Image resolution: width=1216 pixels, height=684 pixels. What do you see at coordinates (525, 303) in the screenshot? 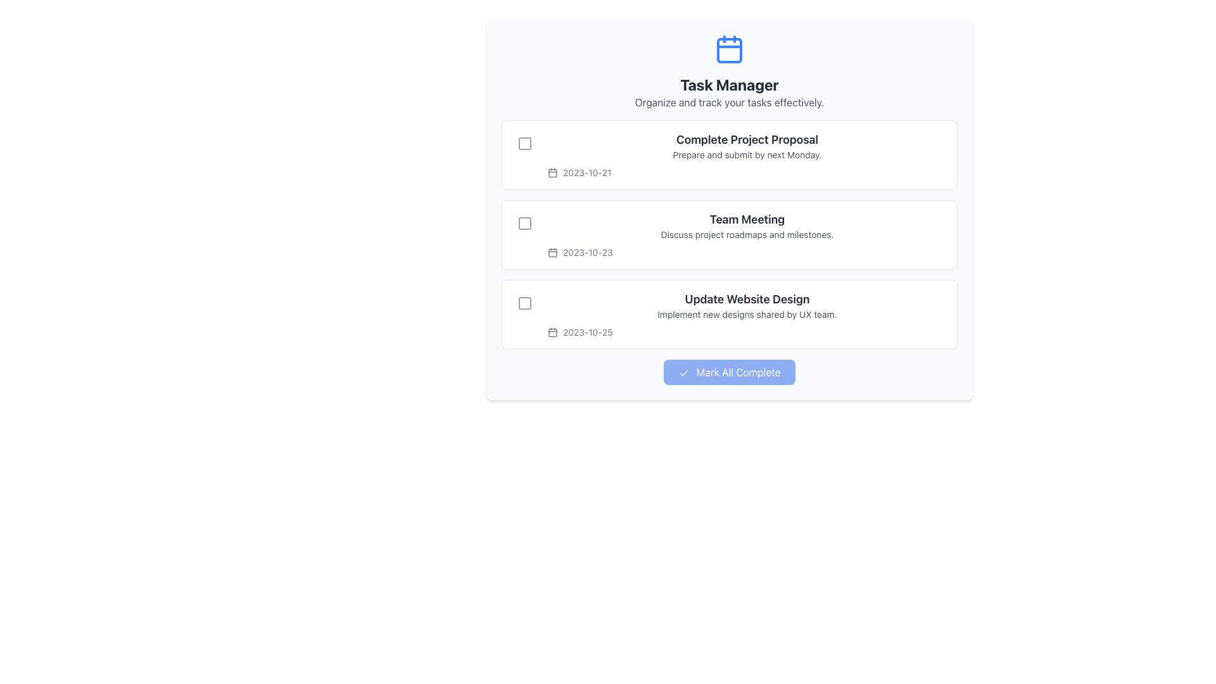
I see `the checkbox` at bounding box center [525, 303].